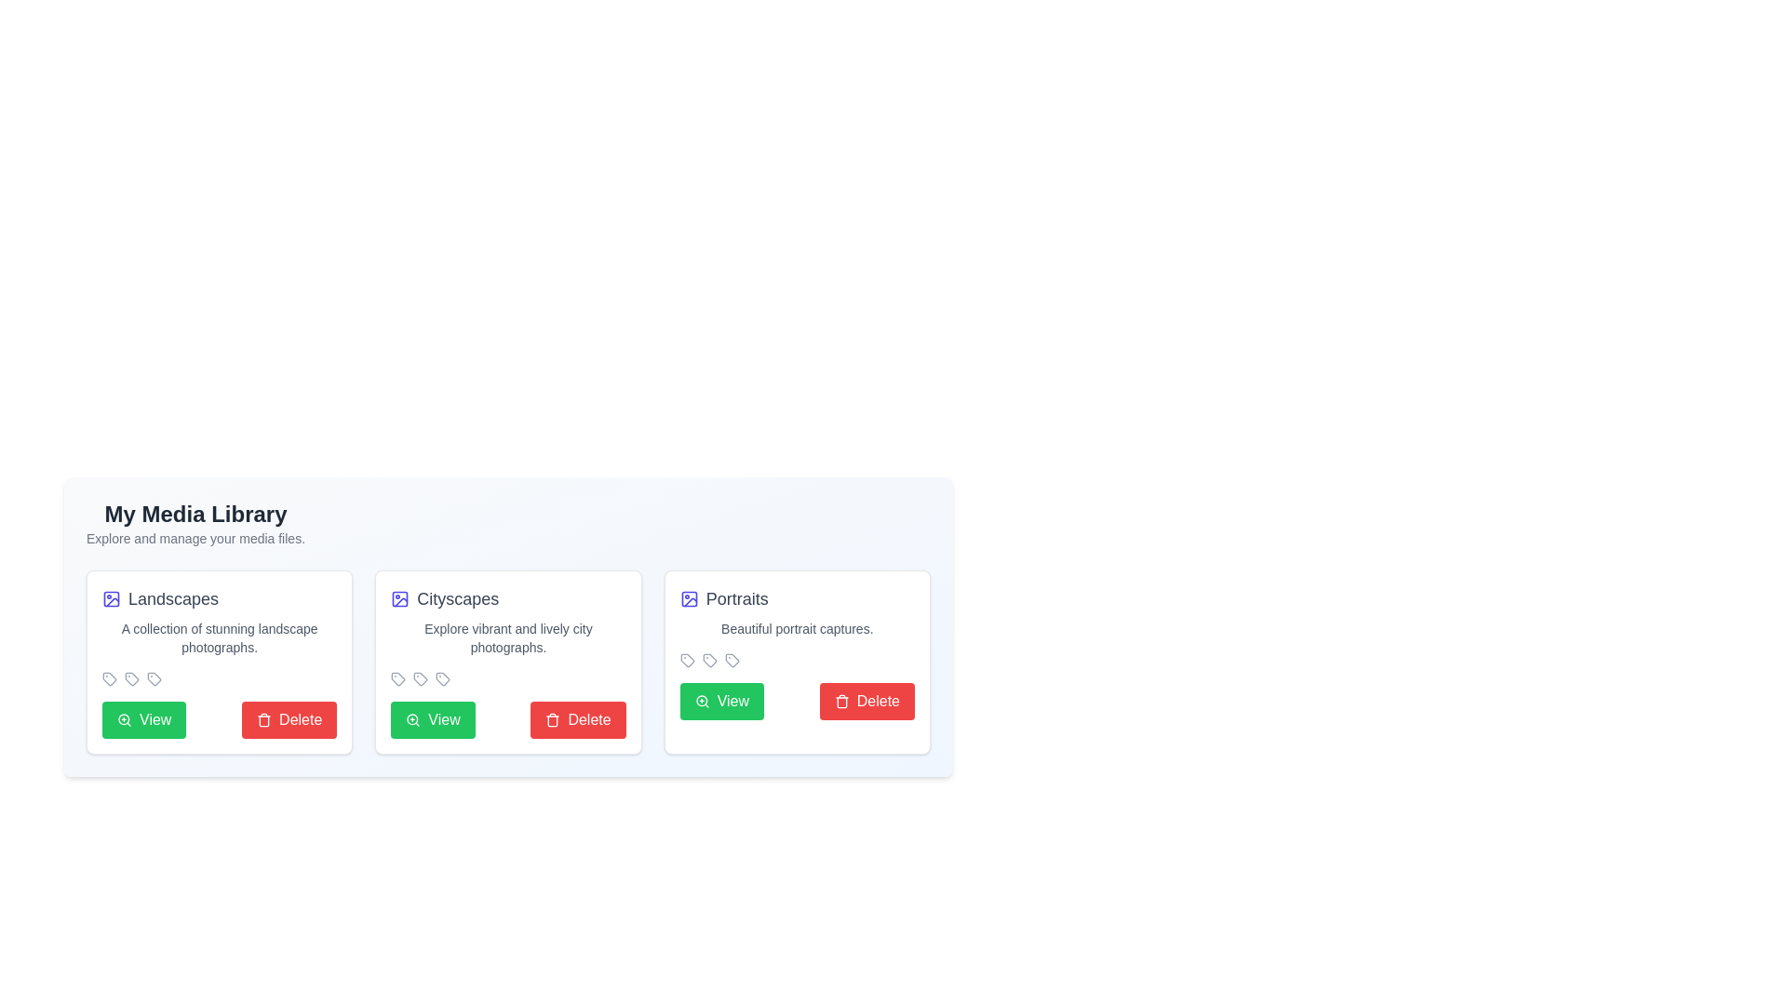 The height and width of the screenshot is (1005, 1787). I want to click on the red 'Delete' button with rounded corners and white text, which features a trash bin icon to visualize hover effects, so click(289, 719).